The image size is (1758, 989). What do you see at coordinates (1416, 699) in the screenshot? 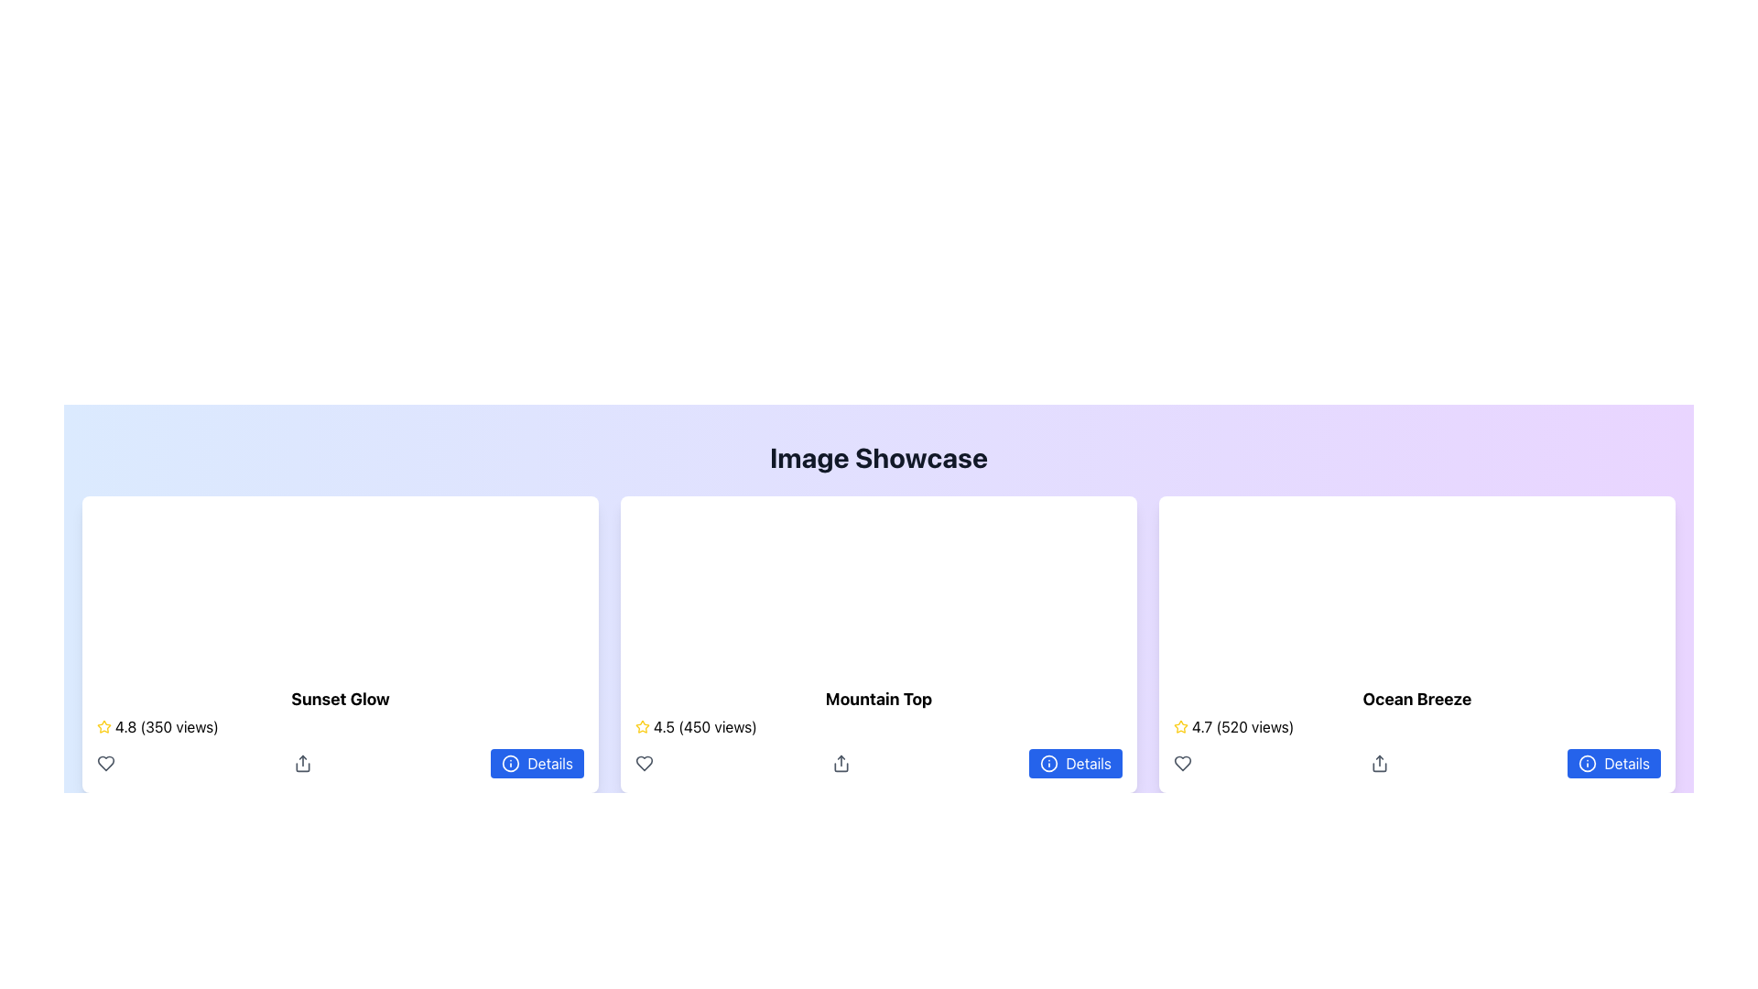
I see `the informational Text Label located at the top center of the card in the third column of the grid layout` at bounding box center [1416, 699].